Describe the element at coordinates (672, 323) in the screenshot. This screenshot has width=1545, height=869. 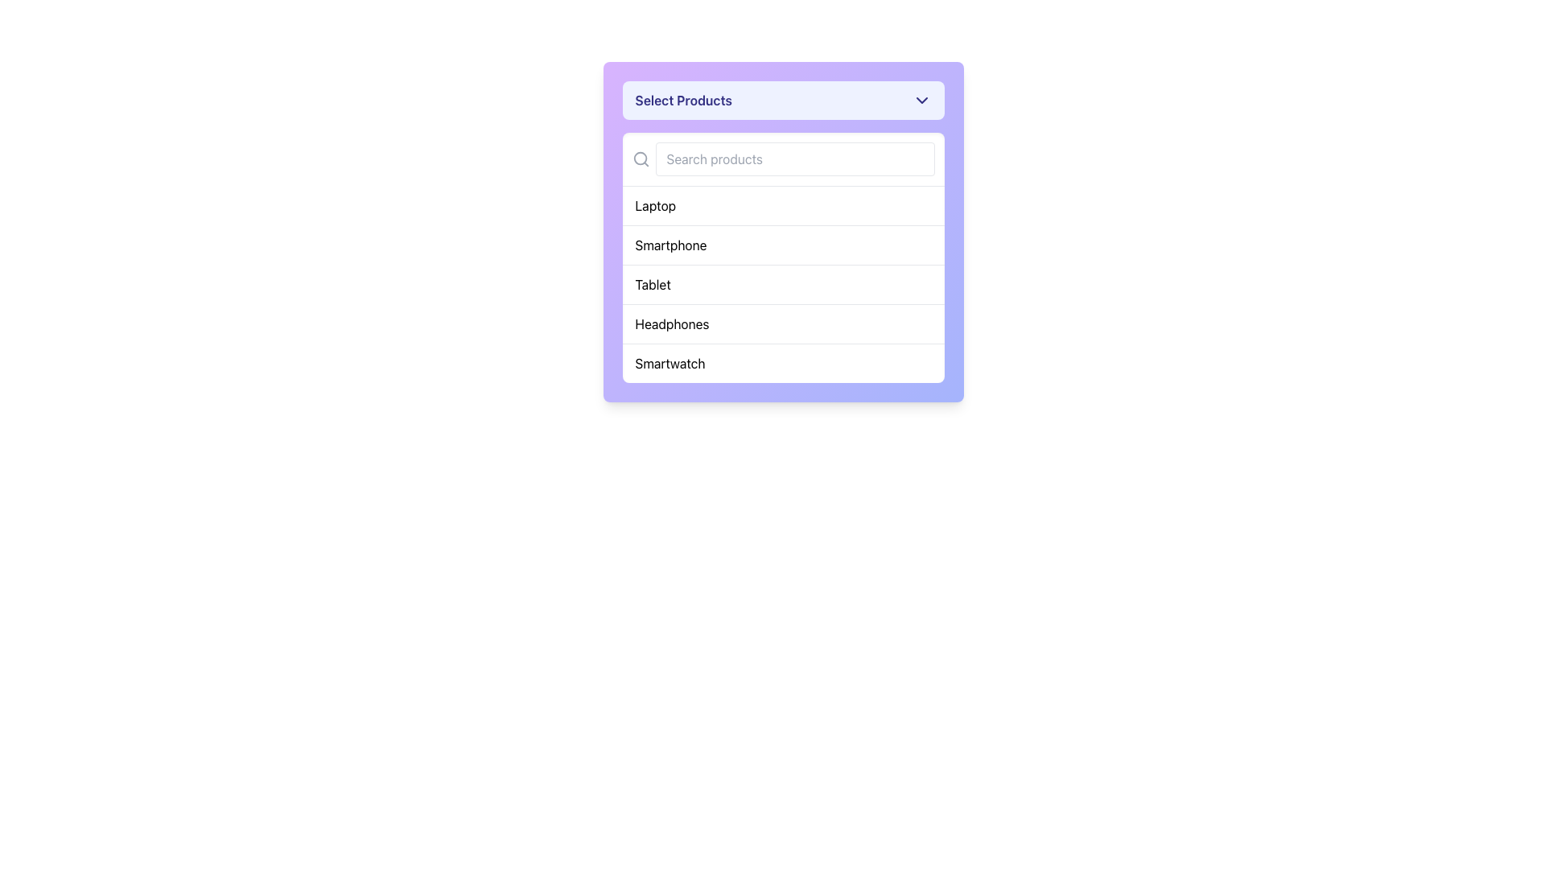
I see `the 'Headphones' text label in the dropdown menu labeled 'Select Products'` at that location.